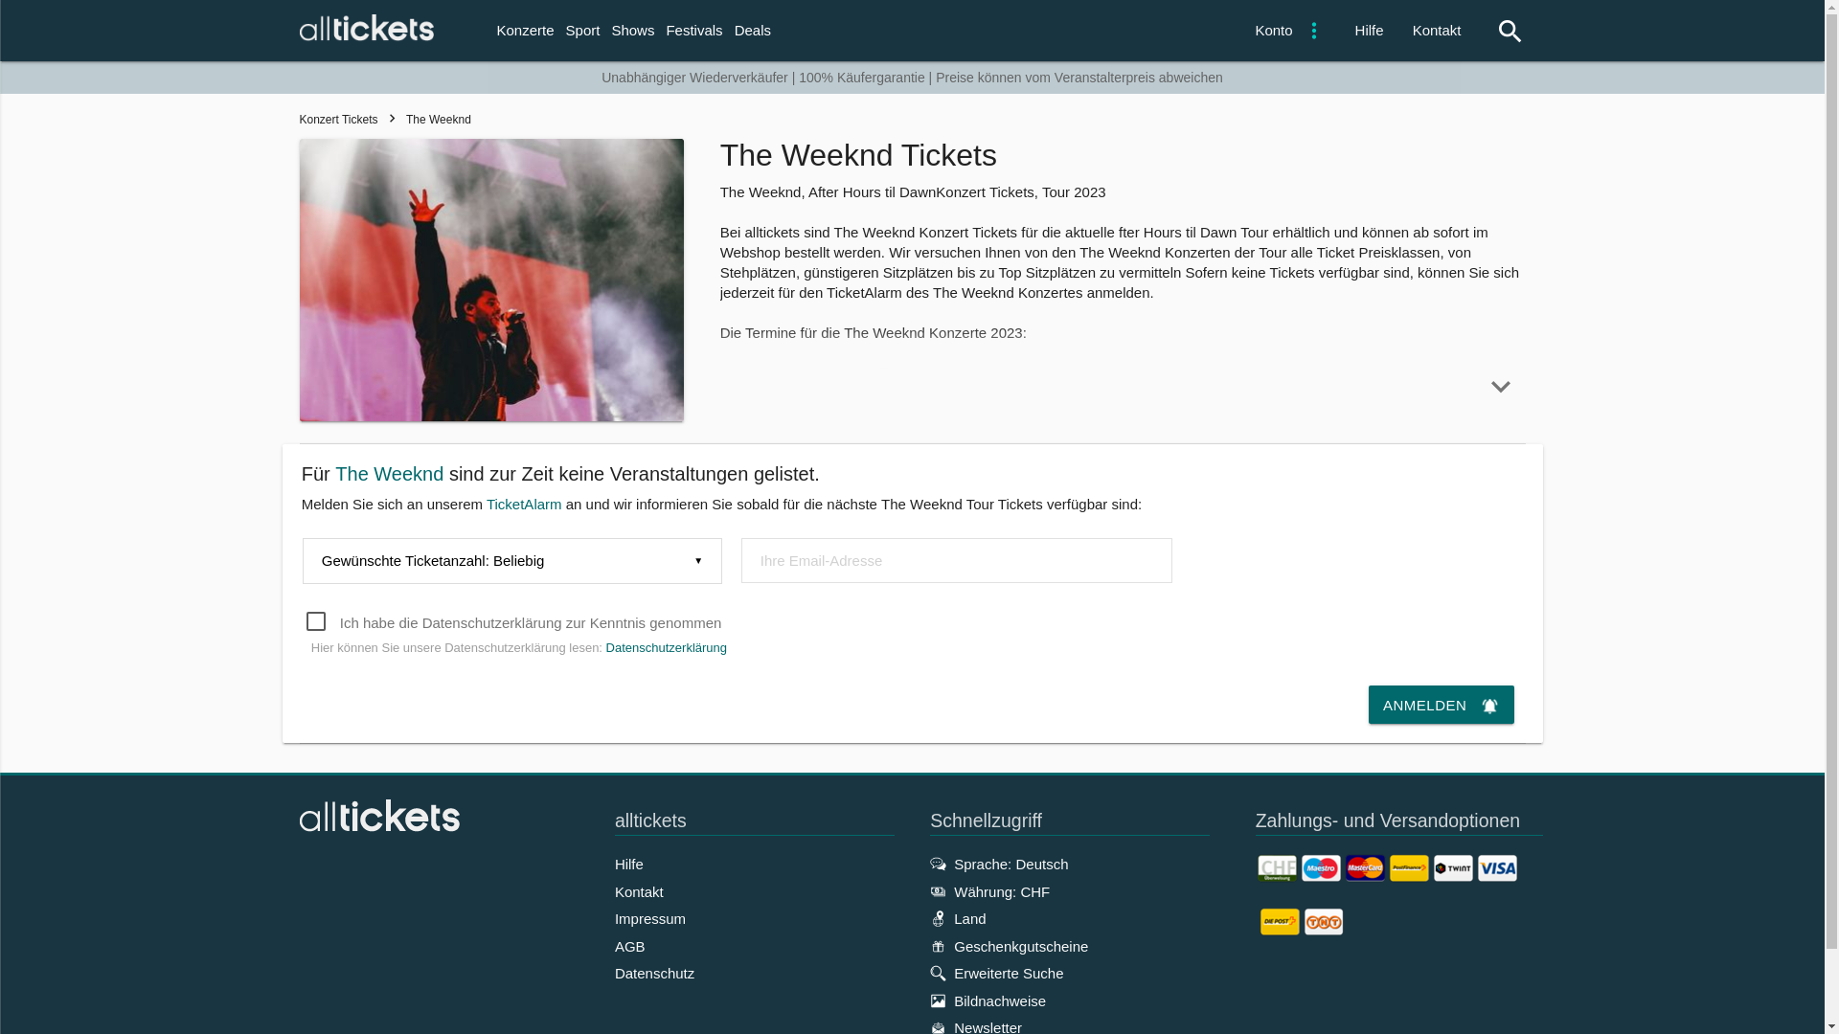 The image size is (1839, 1034). I want to click on 'Deals', so click(752, 30).